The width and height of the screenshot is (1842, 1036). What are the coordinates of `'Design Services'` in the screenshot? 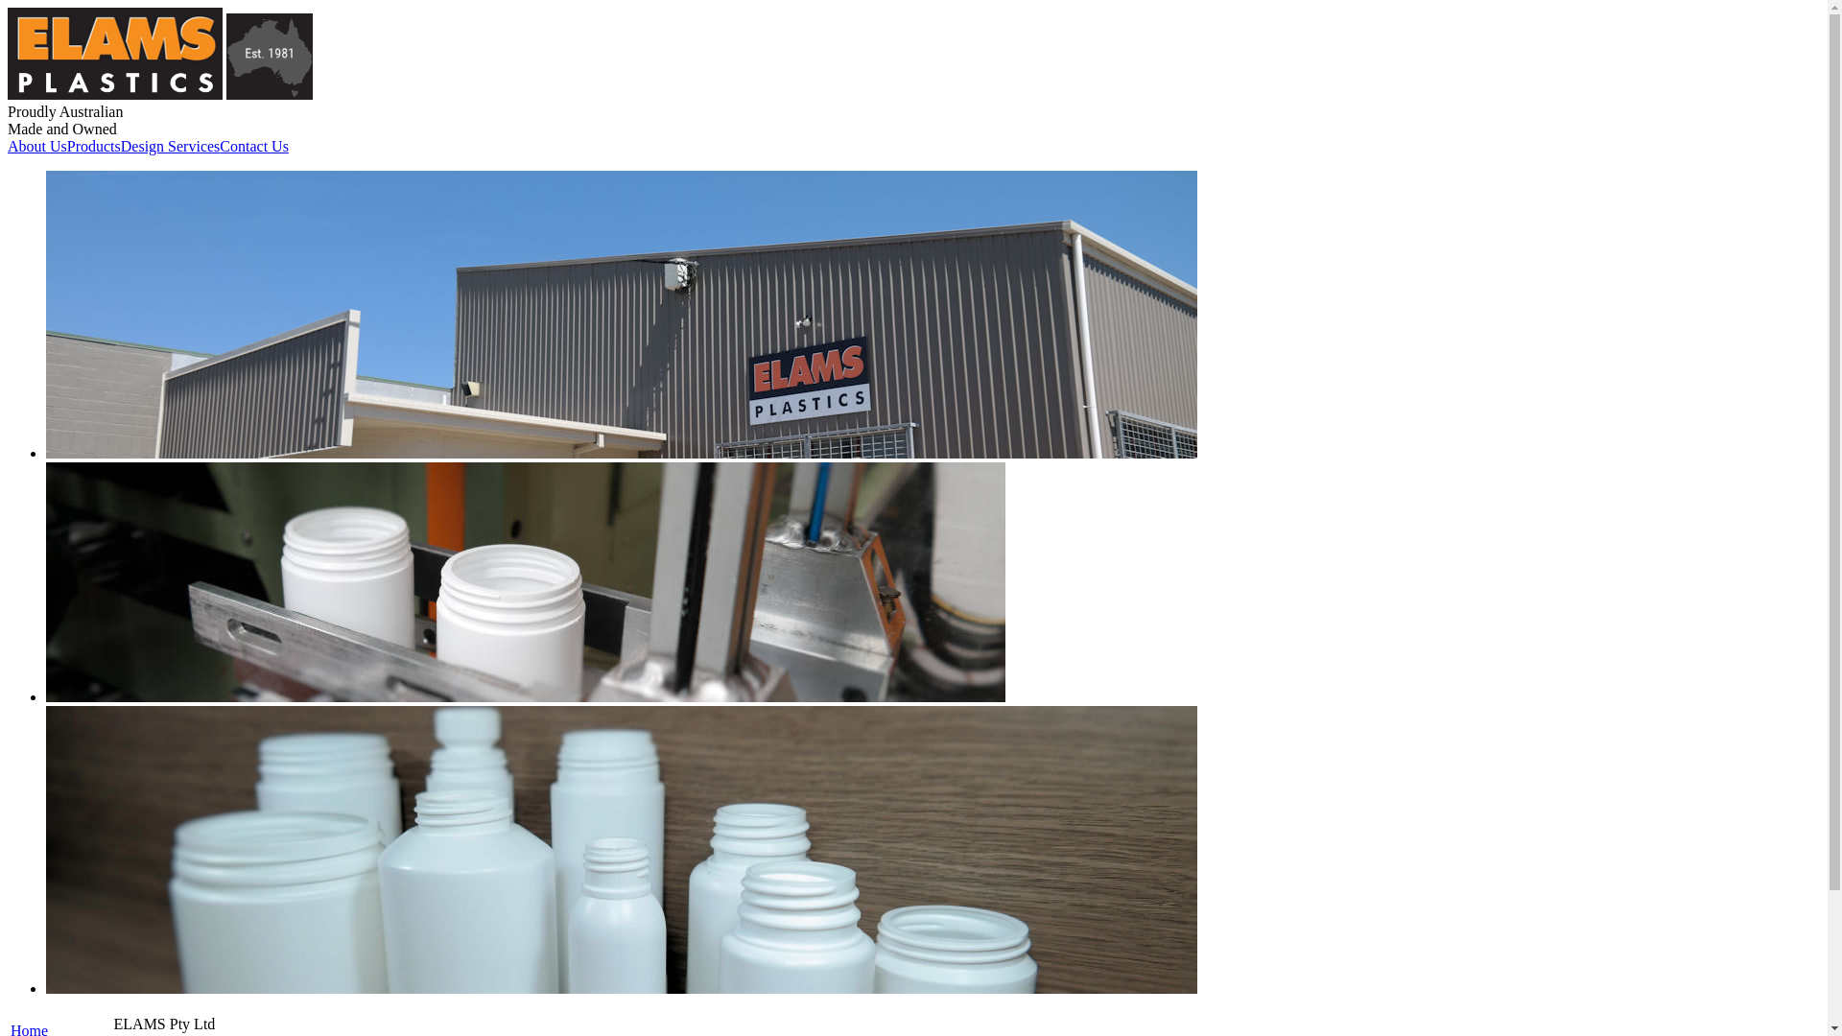 It's located at (119, 146).